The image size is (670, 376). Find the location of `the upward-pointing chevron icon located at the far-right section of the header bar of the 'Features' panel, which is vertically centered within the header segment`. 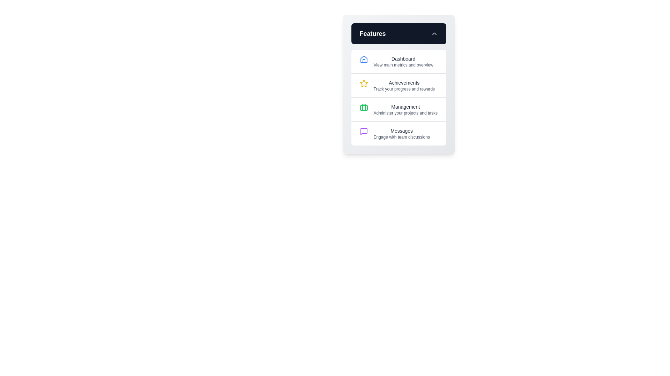

the upward-pointing chevron icon located at the far-right section of the header bar of the 'Features' panel, which is vertically centered within the header segment is located at coordinates (434, 33).